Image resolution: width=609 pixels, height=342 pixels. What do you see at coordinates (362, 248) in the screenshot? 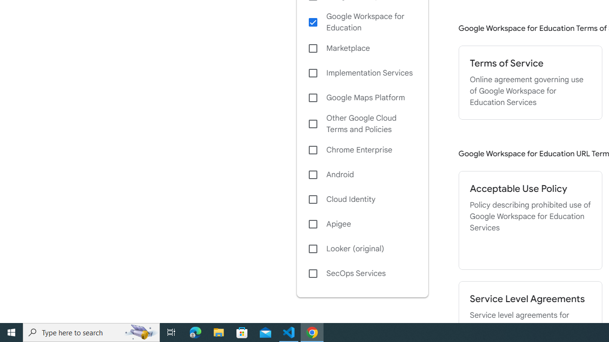
I see `'Looker (original)'` at bounding box center [362, 248].